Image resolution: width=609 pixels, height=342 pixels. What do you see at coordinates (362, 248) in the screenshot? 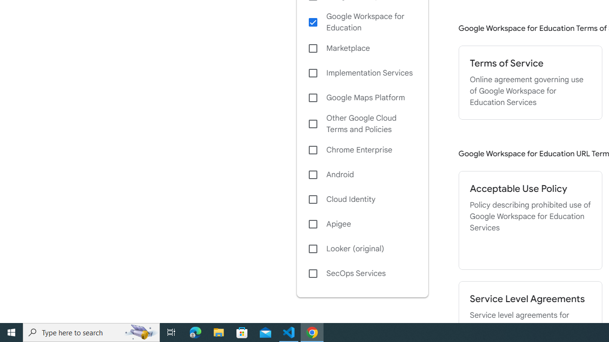
I see `'Looker (original)'` at bounding box center [362, 248].